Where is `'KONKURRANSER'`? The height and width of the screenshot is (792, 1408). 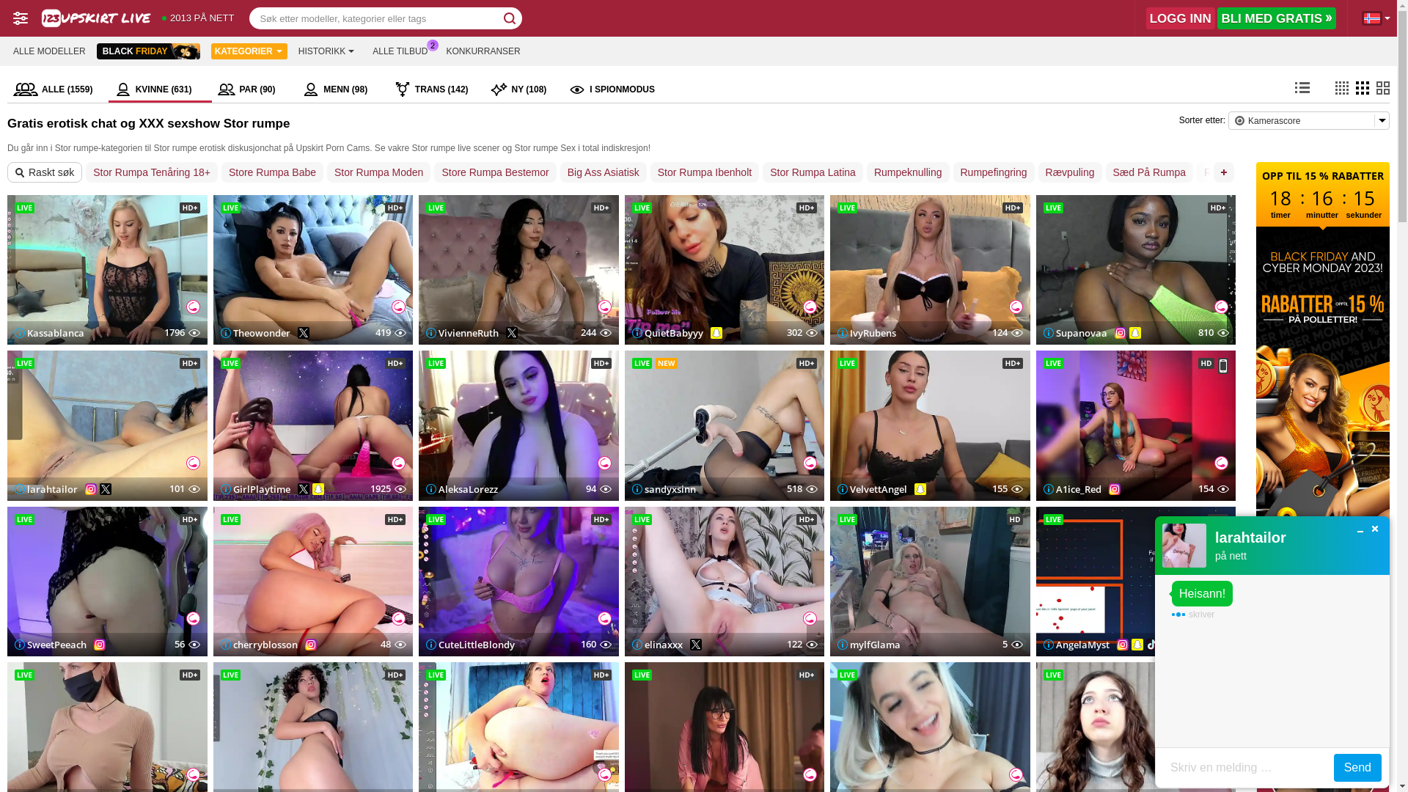
'KONKURRANSER' is located at coordinates (438, 50).